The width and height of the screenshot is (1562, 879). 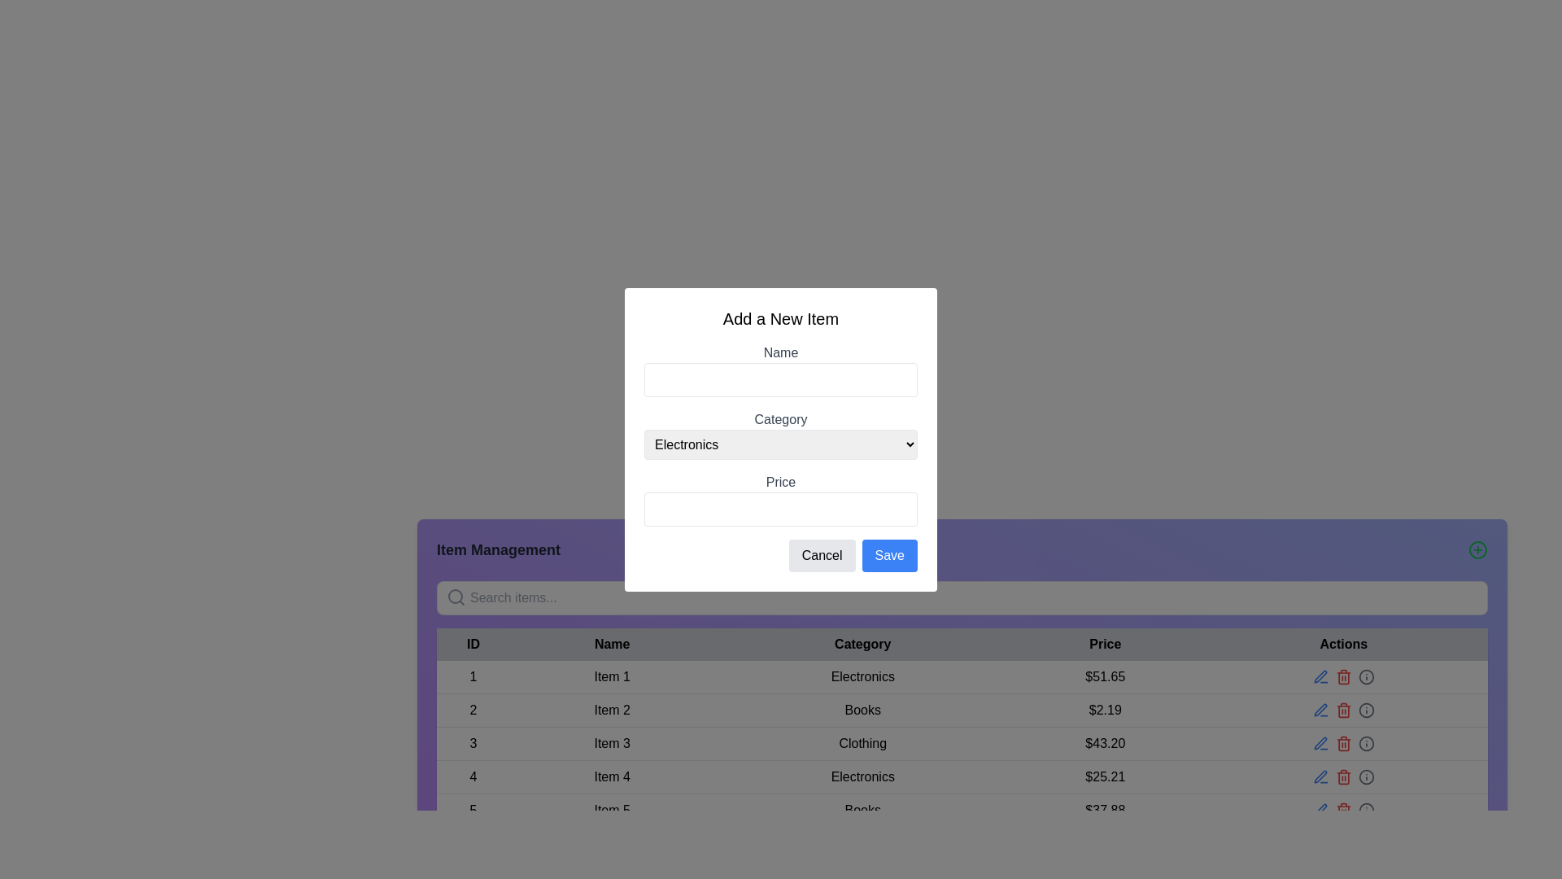 What do you see at coordinates (472, 744) in the screenshot?
I see `the text label displaying the number '3' in the third row of the table under the 'ID' column` at bounding box center [472, 744].